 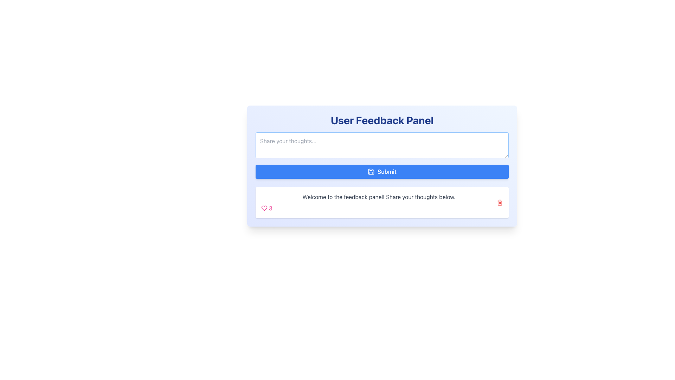 What do you see at coordinates (379, 202) in the screenshot?
I see `text displayed in the feedback panel, which says 'Welcome to the feedback panel! Share your thoughts below. 3' with a heart icon` at bounding box center [379, 202].